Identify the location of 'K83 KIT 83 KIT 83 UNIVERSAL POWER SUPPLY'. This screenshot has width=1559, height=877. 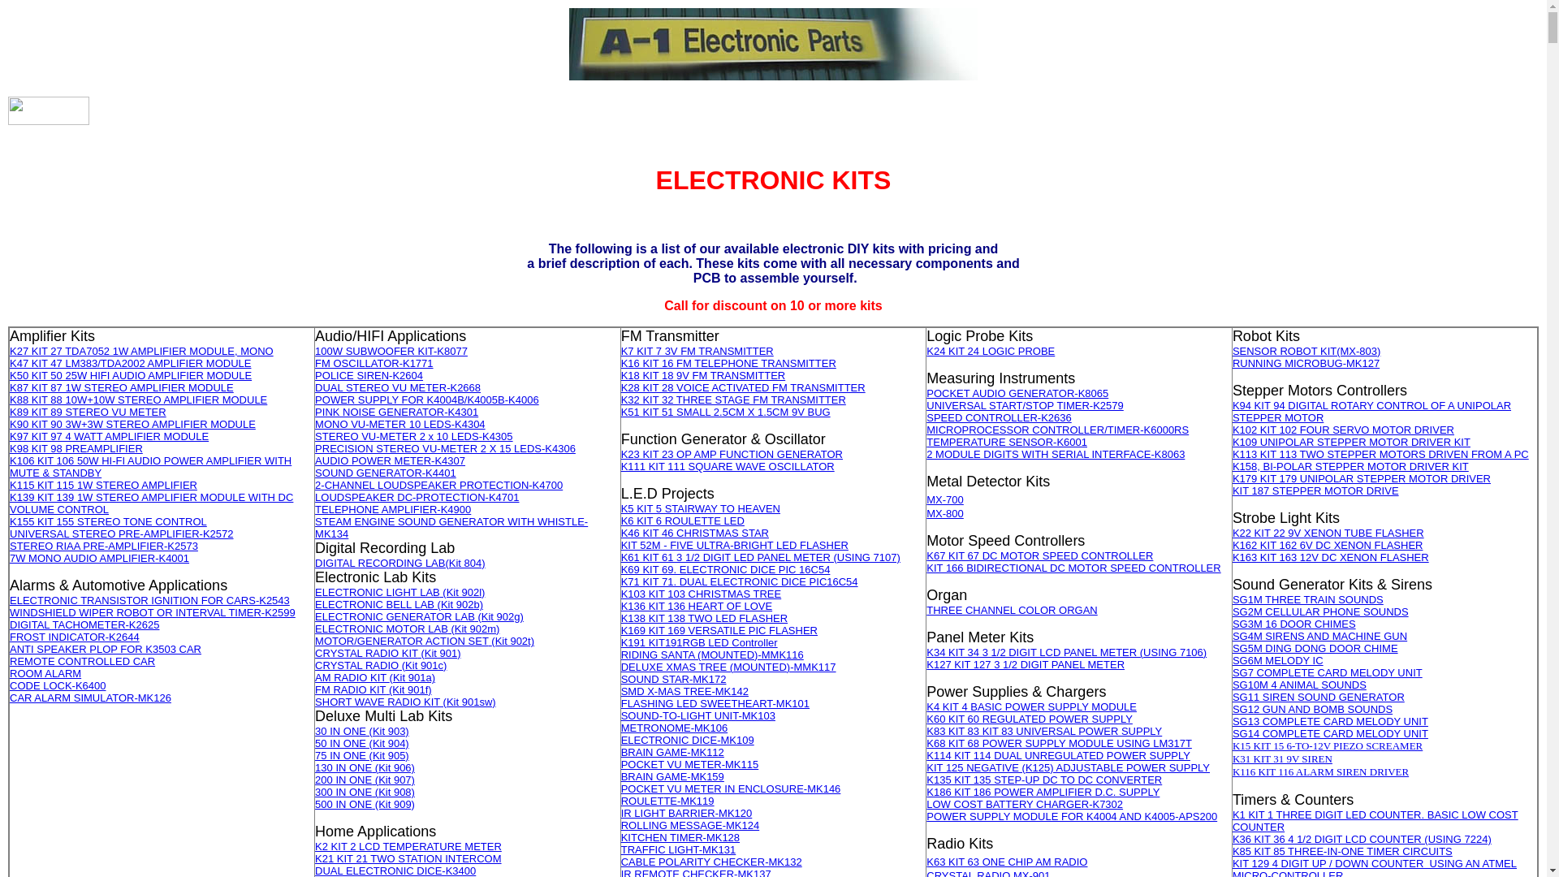
(1044, 731).